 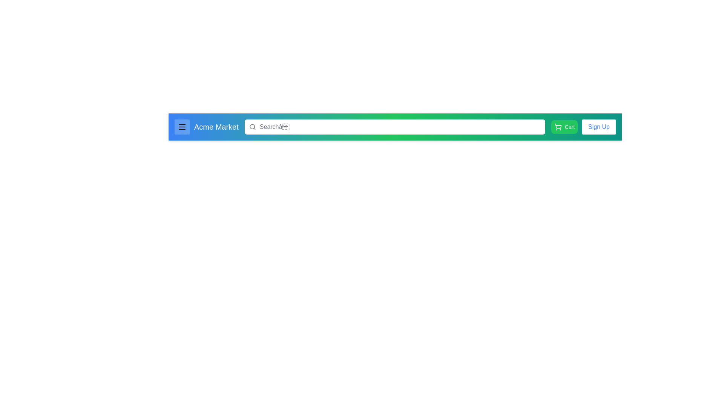 What do you see at coordinates (598, 126) in the screenshot?
I see `the 'Sign Up' button to initiate the registration process` at bounding box center [598, 126].